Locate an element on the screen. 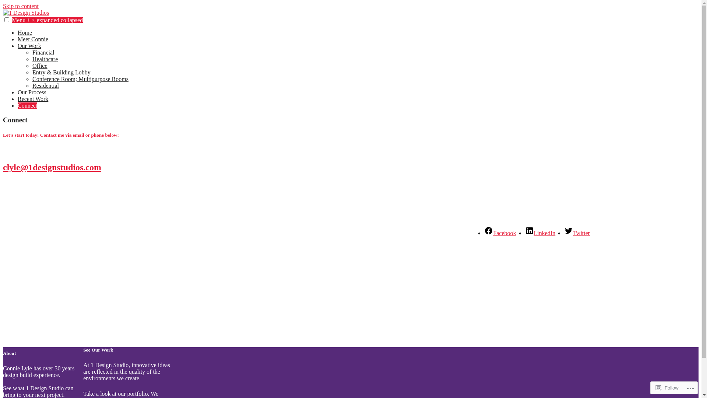  'Twitter' is located at coordinates (576, 233).